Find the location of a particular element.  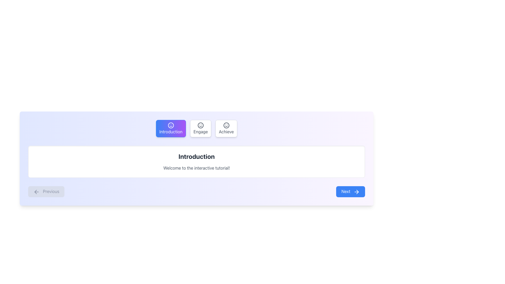

the arrow icon located inside the 'Next' button in the bottom-right corner of the interface, which serves as a visual cue for the 'Next' action is located at coordinates (357, 192).